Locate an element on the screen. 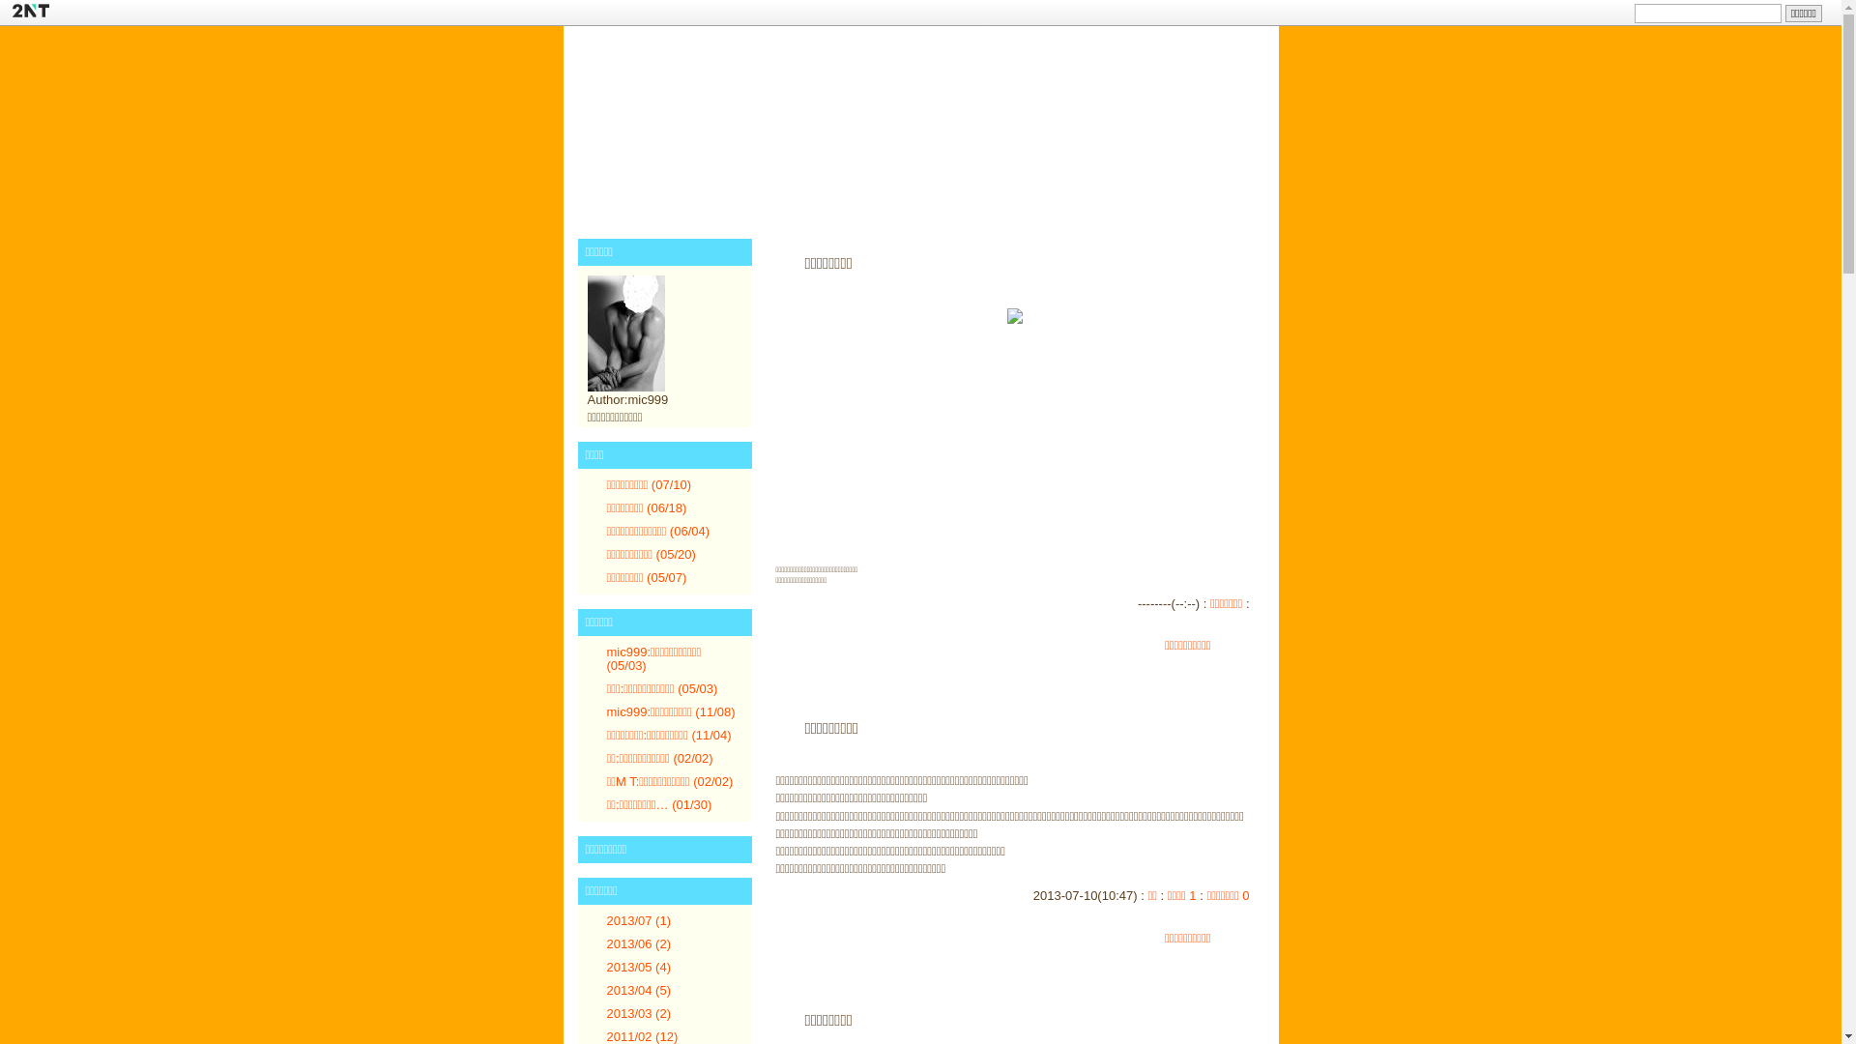 This screenshot has width=1856, height=1044. '2013/05 (4)' is located at coordinates (639, 967).